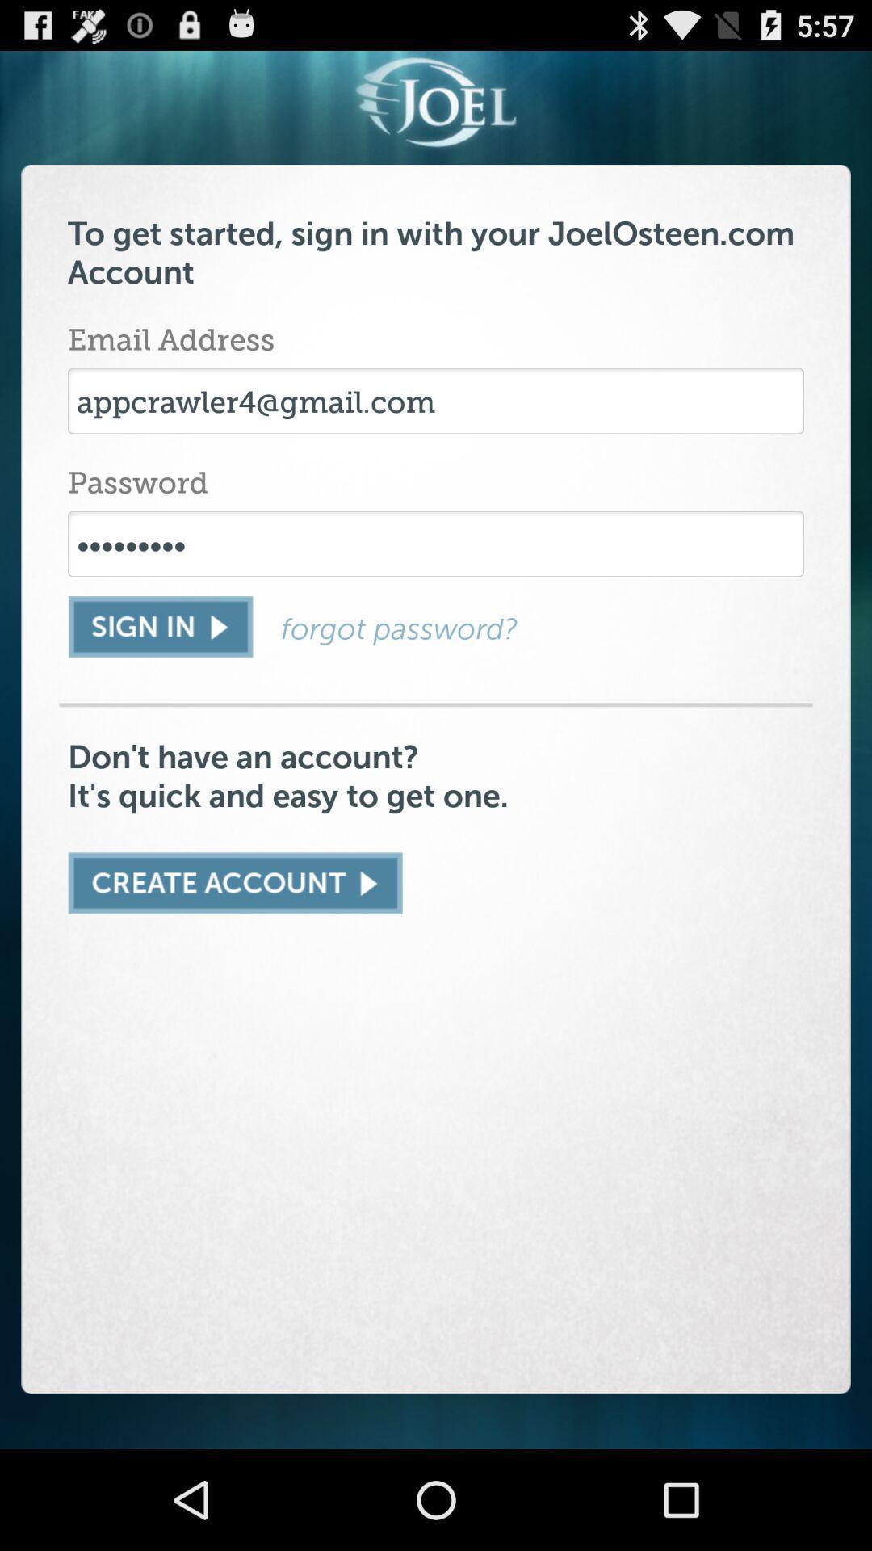  Describe the element at coordinates (436, 544) in the screenshot. I see `crowd3116 icon` at that location.